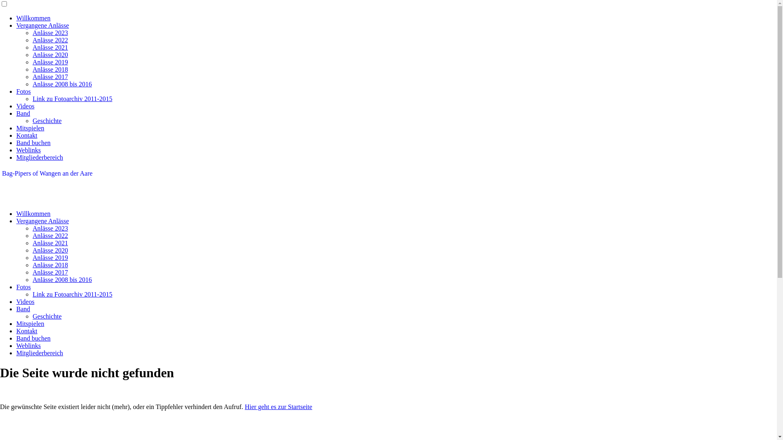  I want to click on 'Willkommen', so click(16, 213).